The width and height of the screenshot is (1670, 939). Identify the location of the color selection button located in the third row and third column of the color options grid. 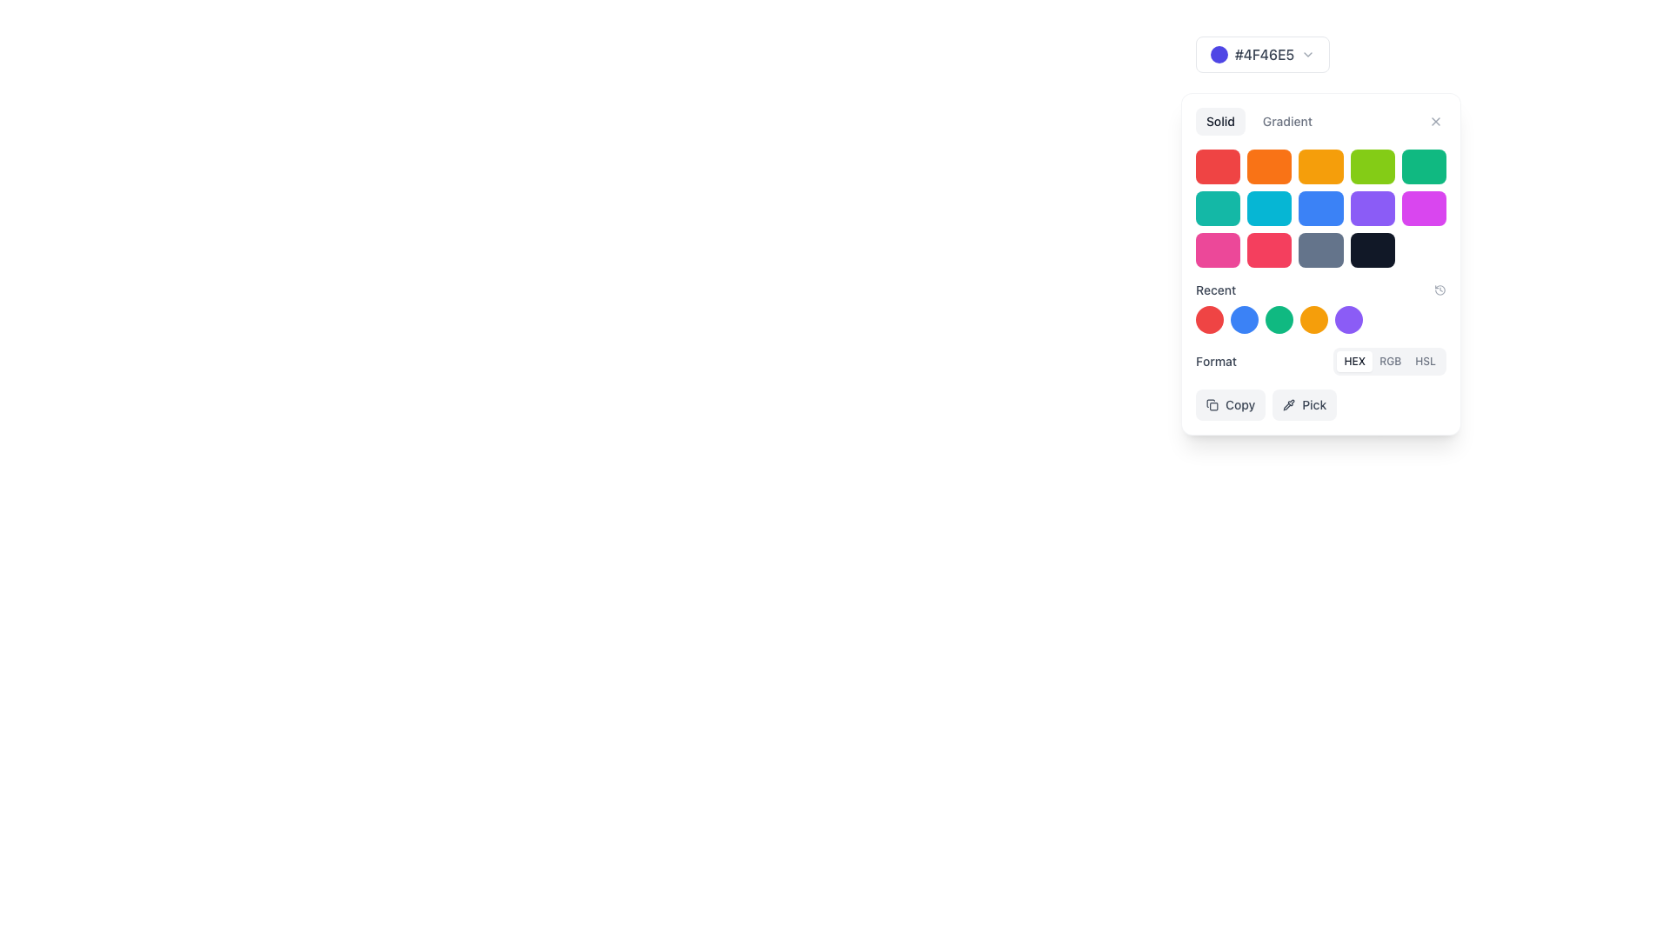
(1320, 250).